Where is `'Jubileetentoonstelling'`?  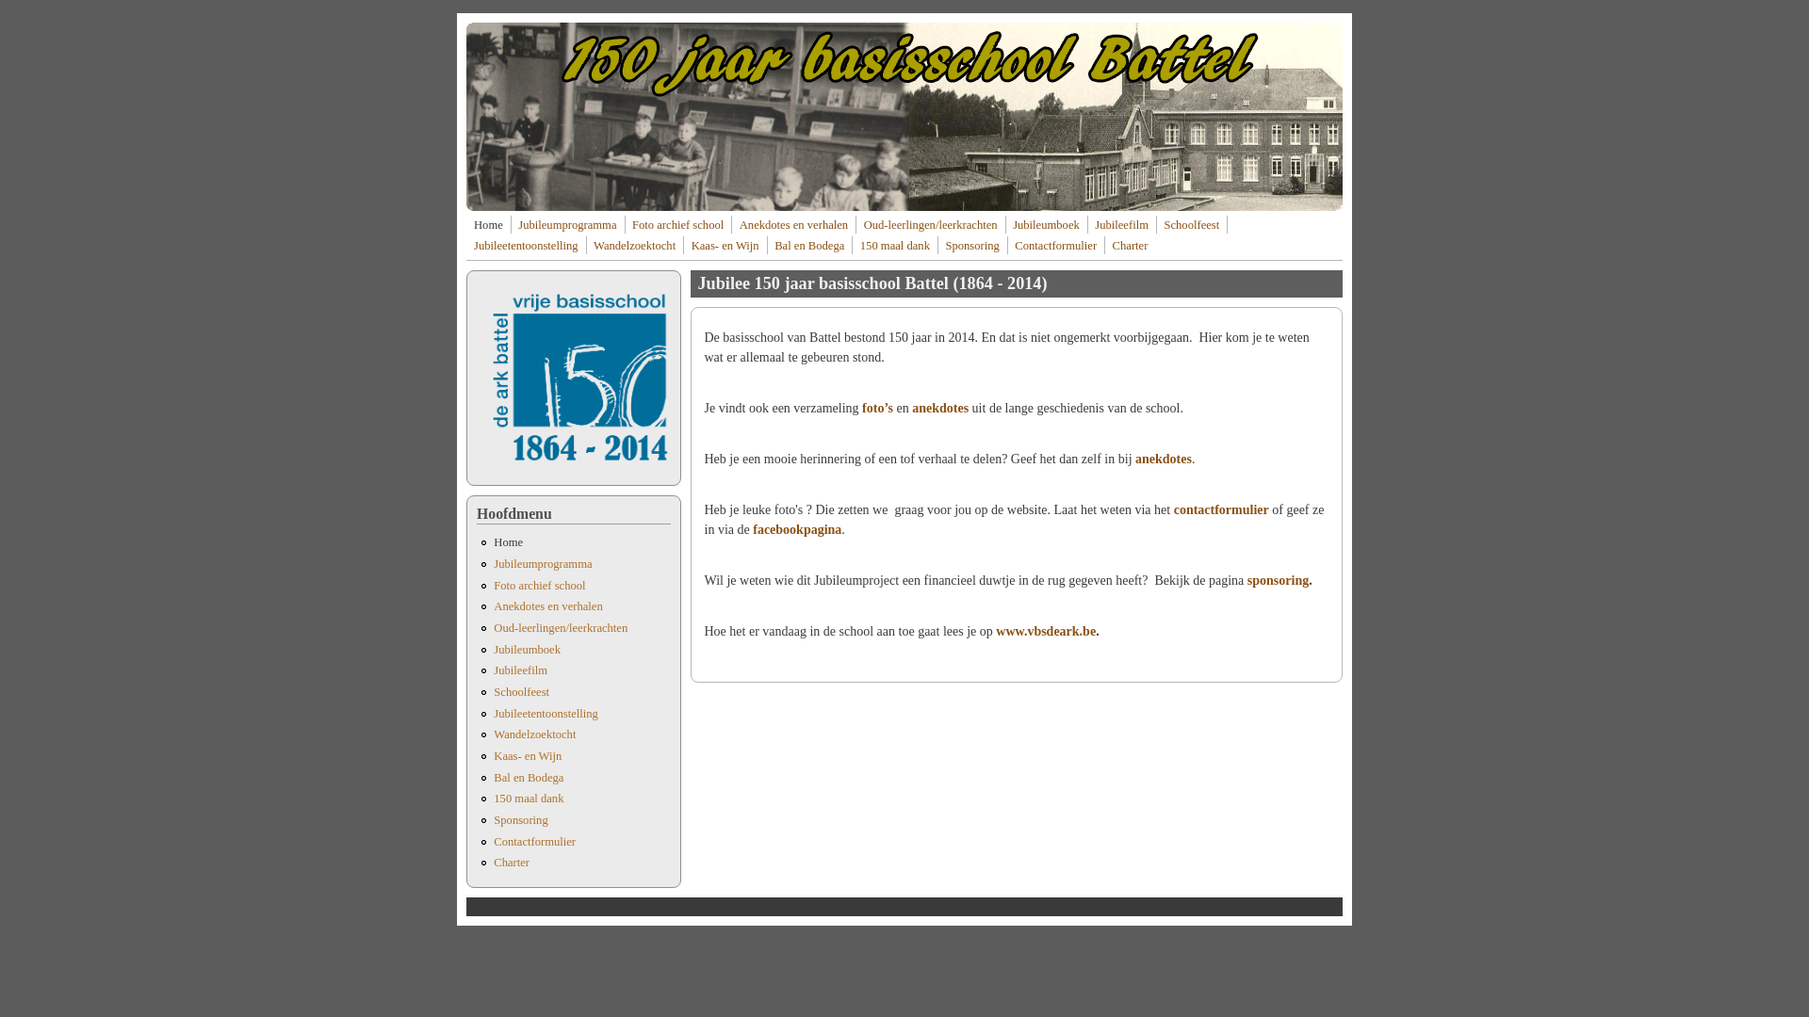 'Jubileetentoonstelling' is located at coordinates (526, 245).